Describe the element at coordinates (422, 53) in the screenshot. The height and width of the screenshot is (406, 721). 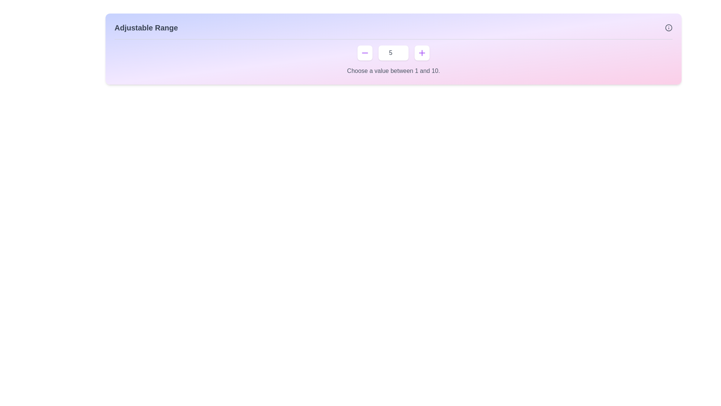
I see `the third button in the horizontal group of increment buttons, positioned to the right of the input field displaying the value '5'` at that location.